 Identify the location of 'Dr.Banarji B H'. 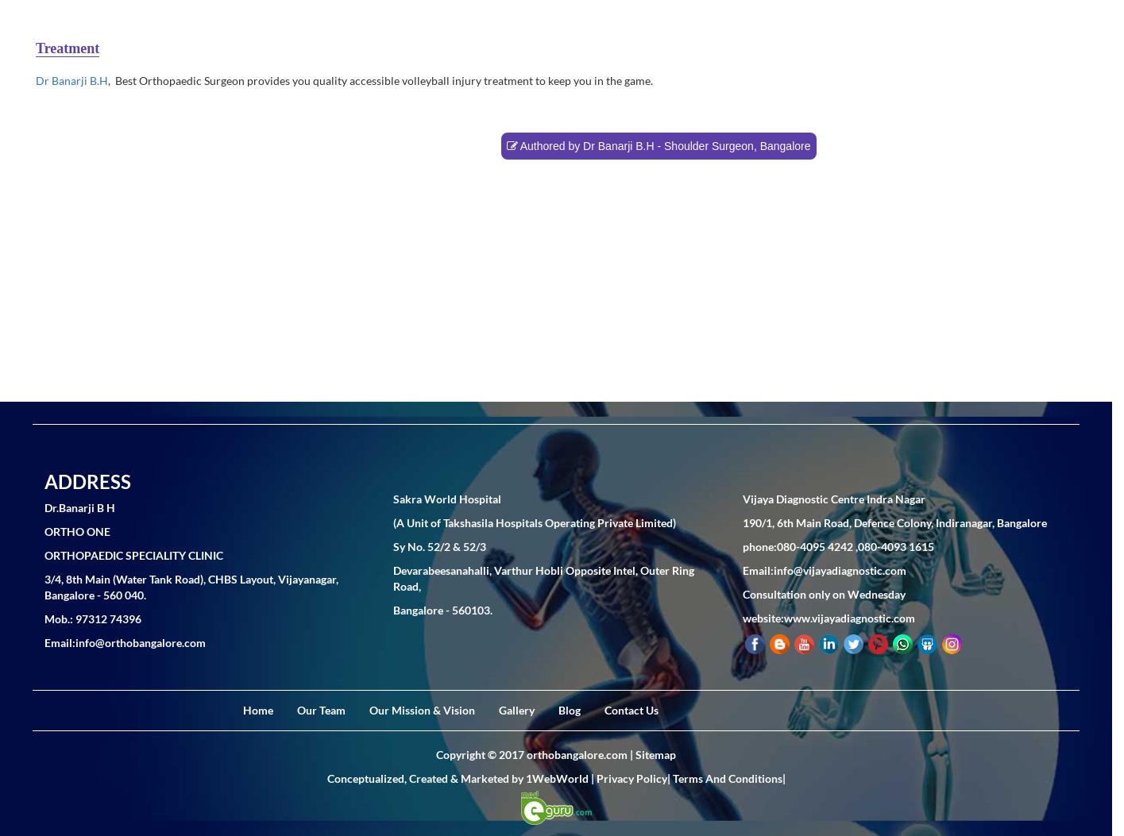
(79, 507).